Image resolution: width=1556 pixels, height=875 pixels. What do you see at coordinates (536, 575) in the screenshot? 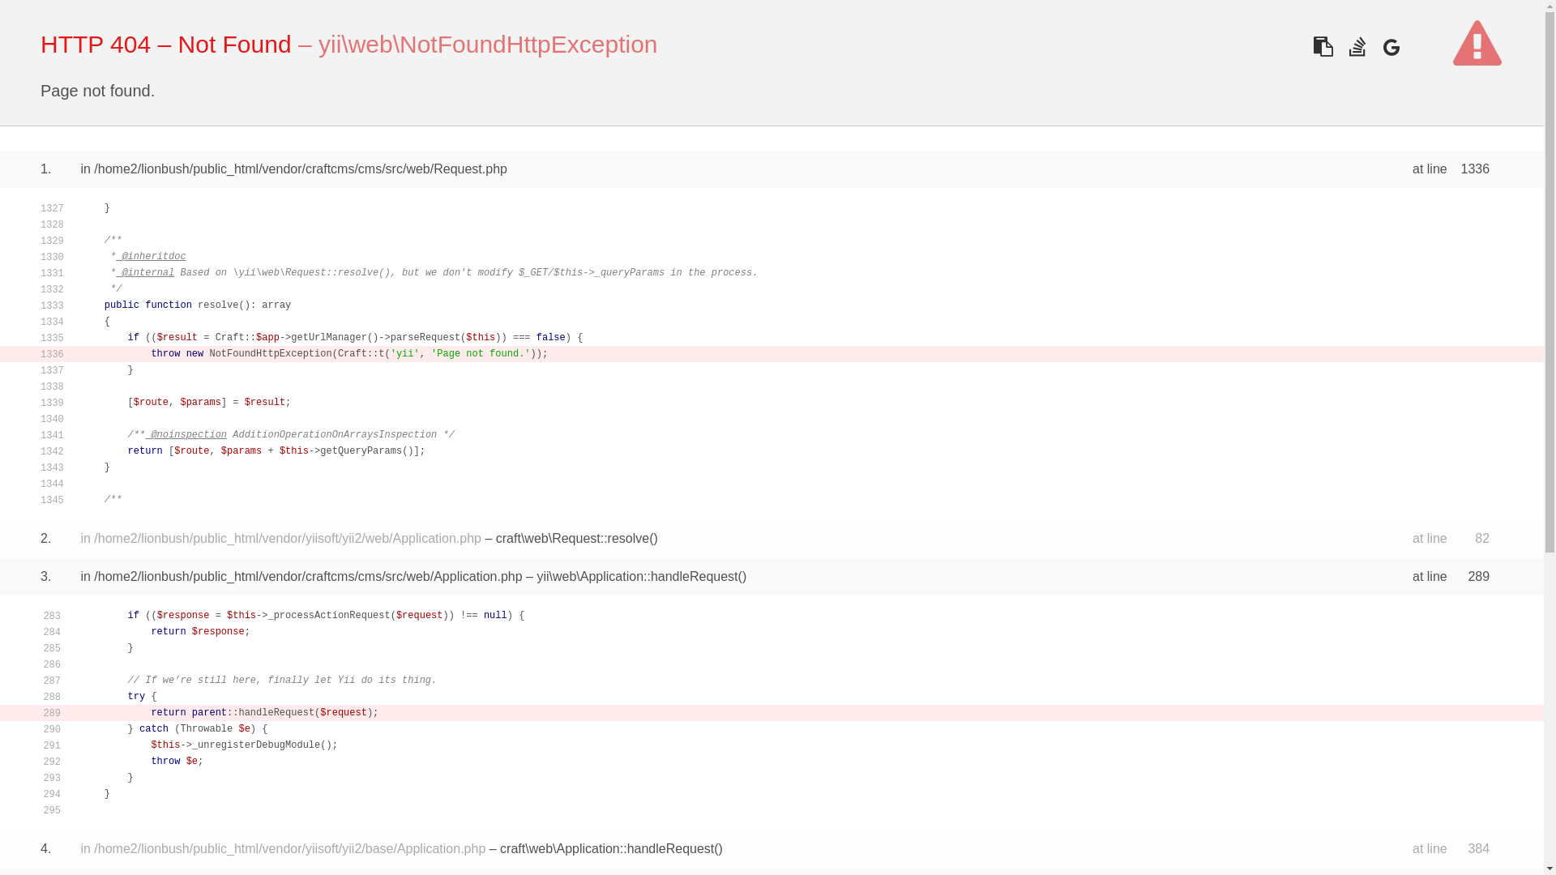
I see `'yii\web\Application::handleRequest'` at bounding box center [536, 575].